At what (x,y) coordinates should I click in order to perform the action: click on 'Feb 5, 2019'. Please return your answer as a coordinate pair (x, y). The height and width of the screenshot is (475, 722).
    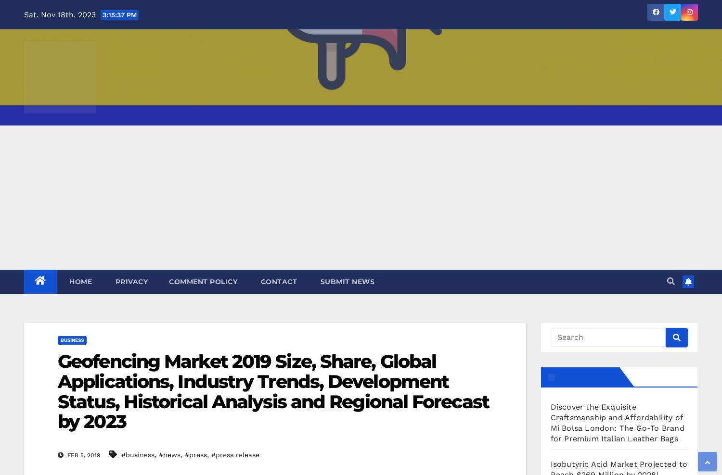
    Looking at the image, I should click on (83, 455).